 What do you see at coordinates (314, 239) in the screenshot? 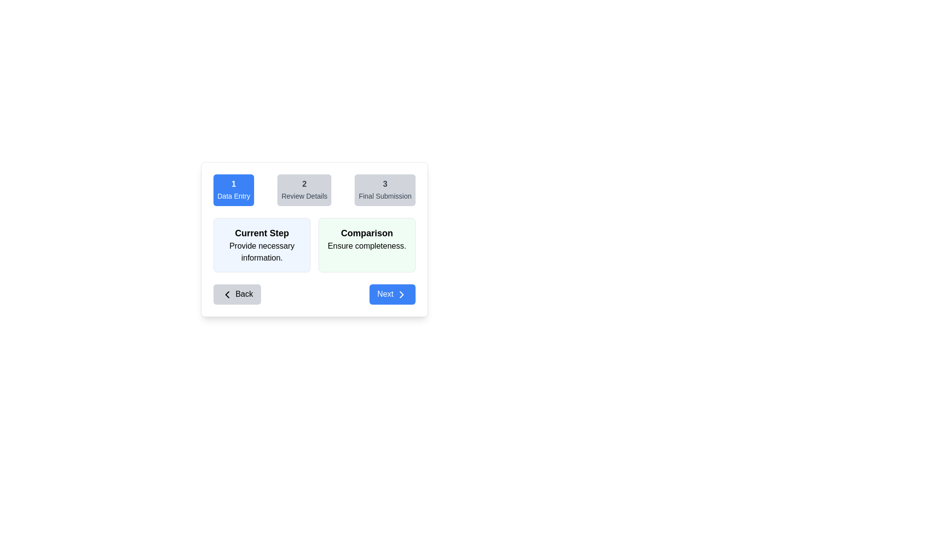
I see `information displayed in the 'Comparison' informational panel located centrally inside the white modal overlay, below the horizontal progress bar` at bounding box center [314, 239].